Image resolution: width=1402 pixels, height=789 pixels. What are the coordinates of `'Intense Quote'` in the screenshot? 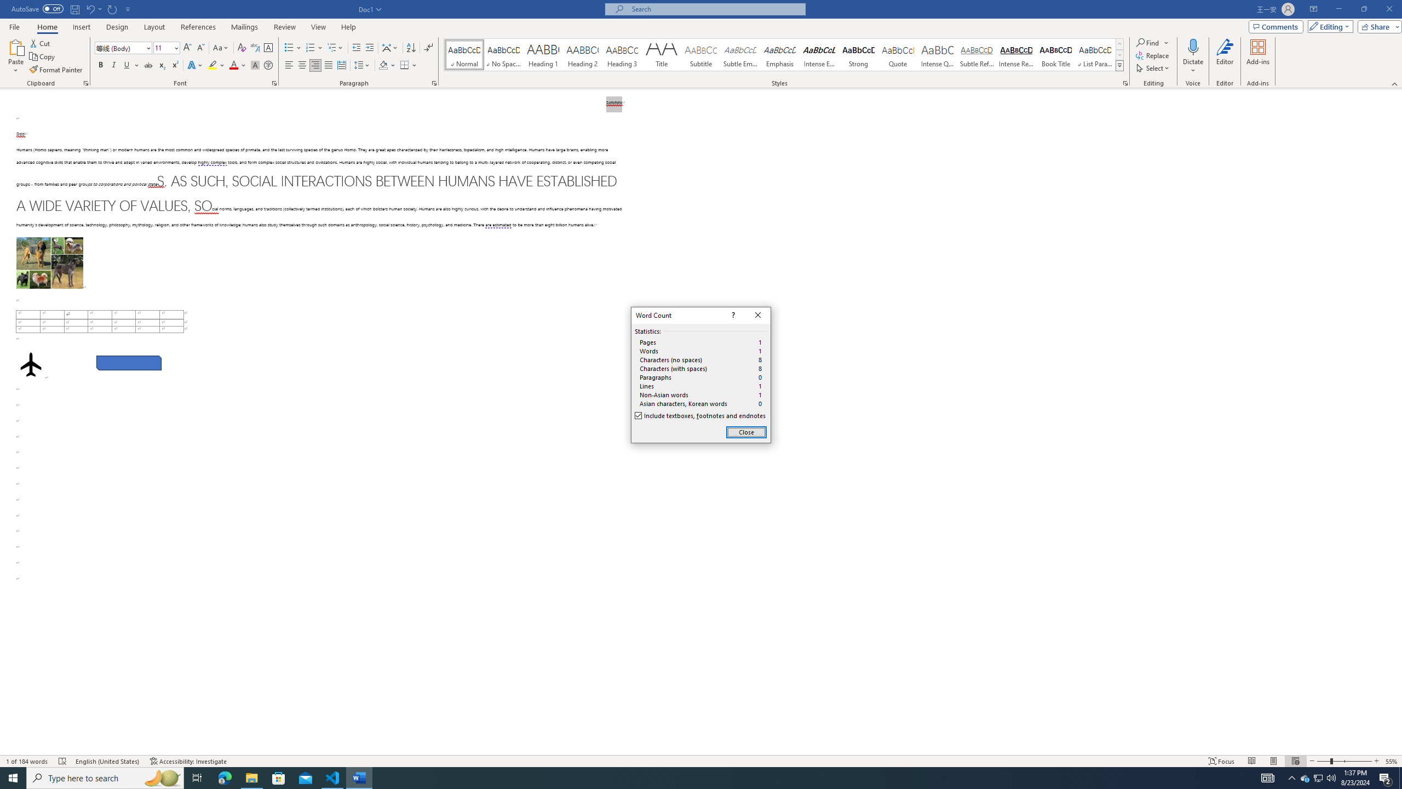 It's located at (938, 54).